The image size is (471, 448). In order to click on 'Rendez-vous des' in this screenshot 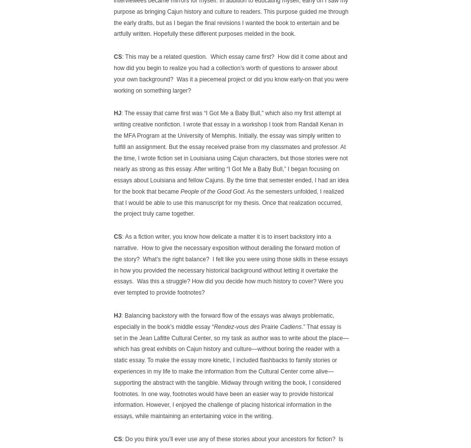, I will do `click(236, 326)`.